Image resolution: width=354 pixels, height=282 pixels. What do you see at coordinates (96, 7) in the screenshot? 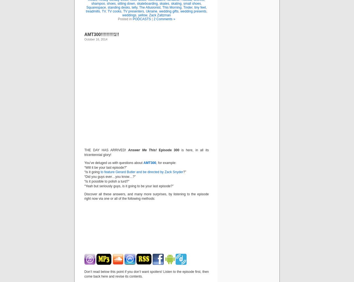
I see `'Squarespace'` at bounding box center [96, 7].